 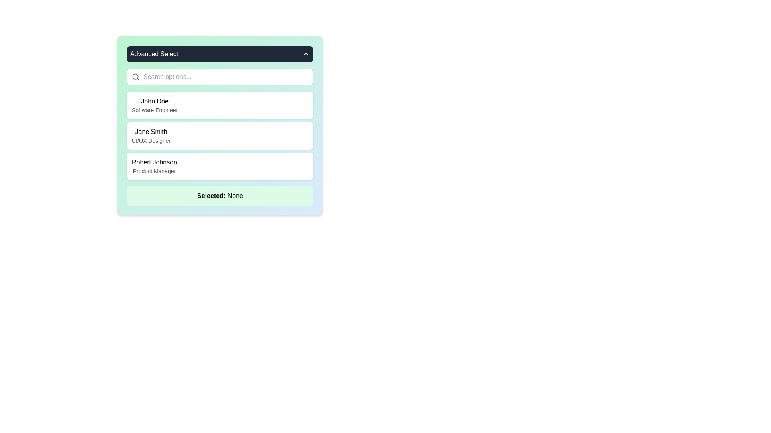 What do you see at coordinates (151, 140) in the screenshot?
I see `the Text label that describes the profession or role associated with 'Jane Smith', which is positioned directly below her name in the UI` at bounding box center [151, 140].